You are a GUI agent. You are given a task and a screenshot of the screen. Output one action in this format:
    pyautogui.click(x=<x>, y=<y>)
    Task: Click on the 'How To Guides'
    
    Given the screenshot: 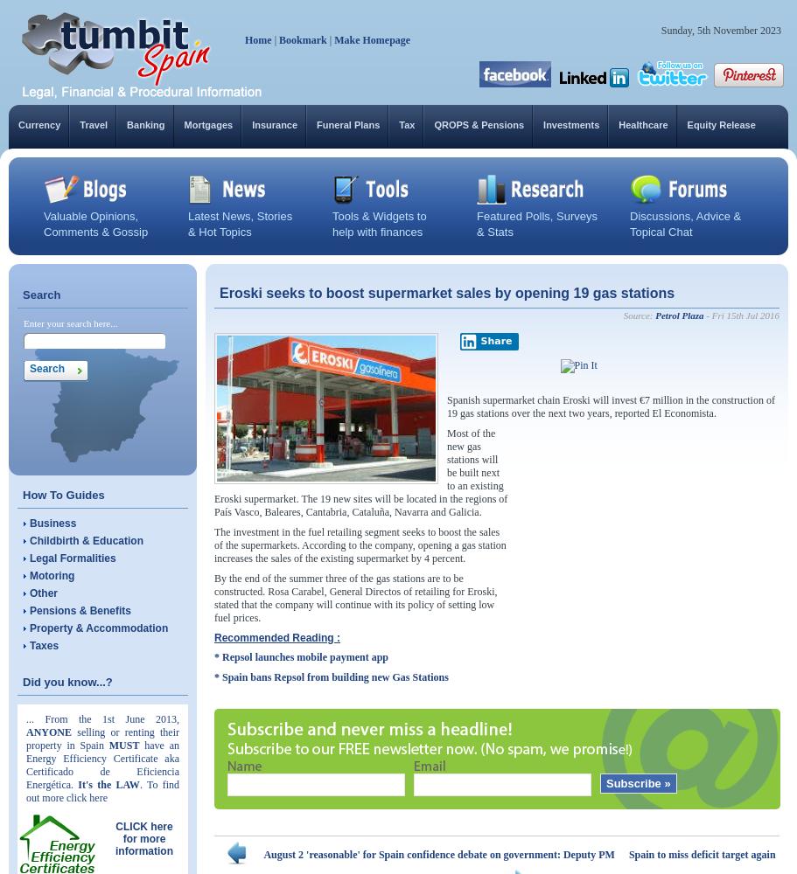 What is the action you would take?
    pyautogui.click(x=22, y=494)
    